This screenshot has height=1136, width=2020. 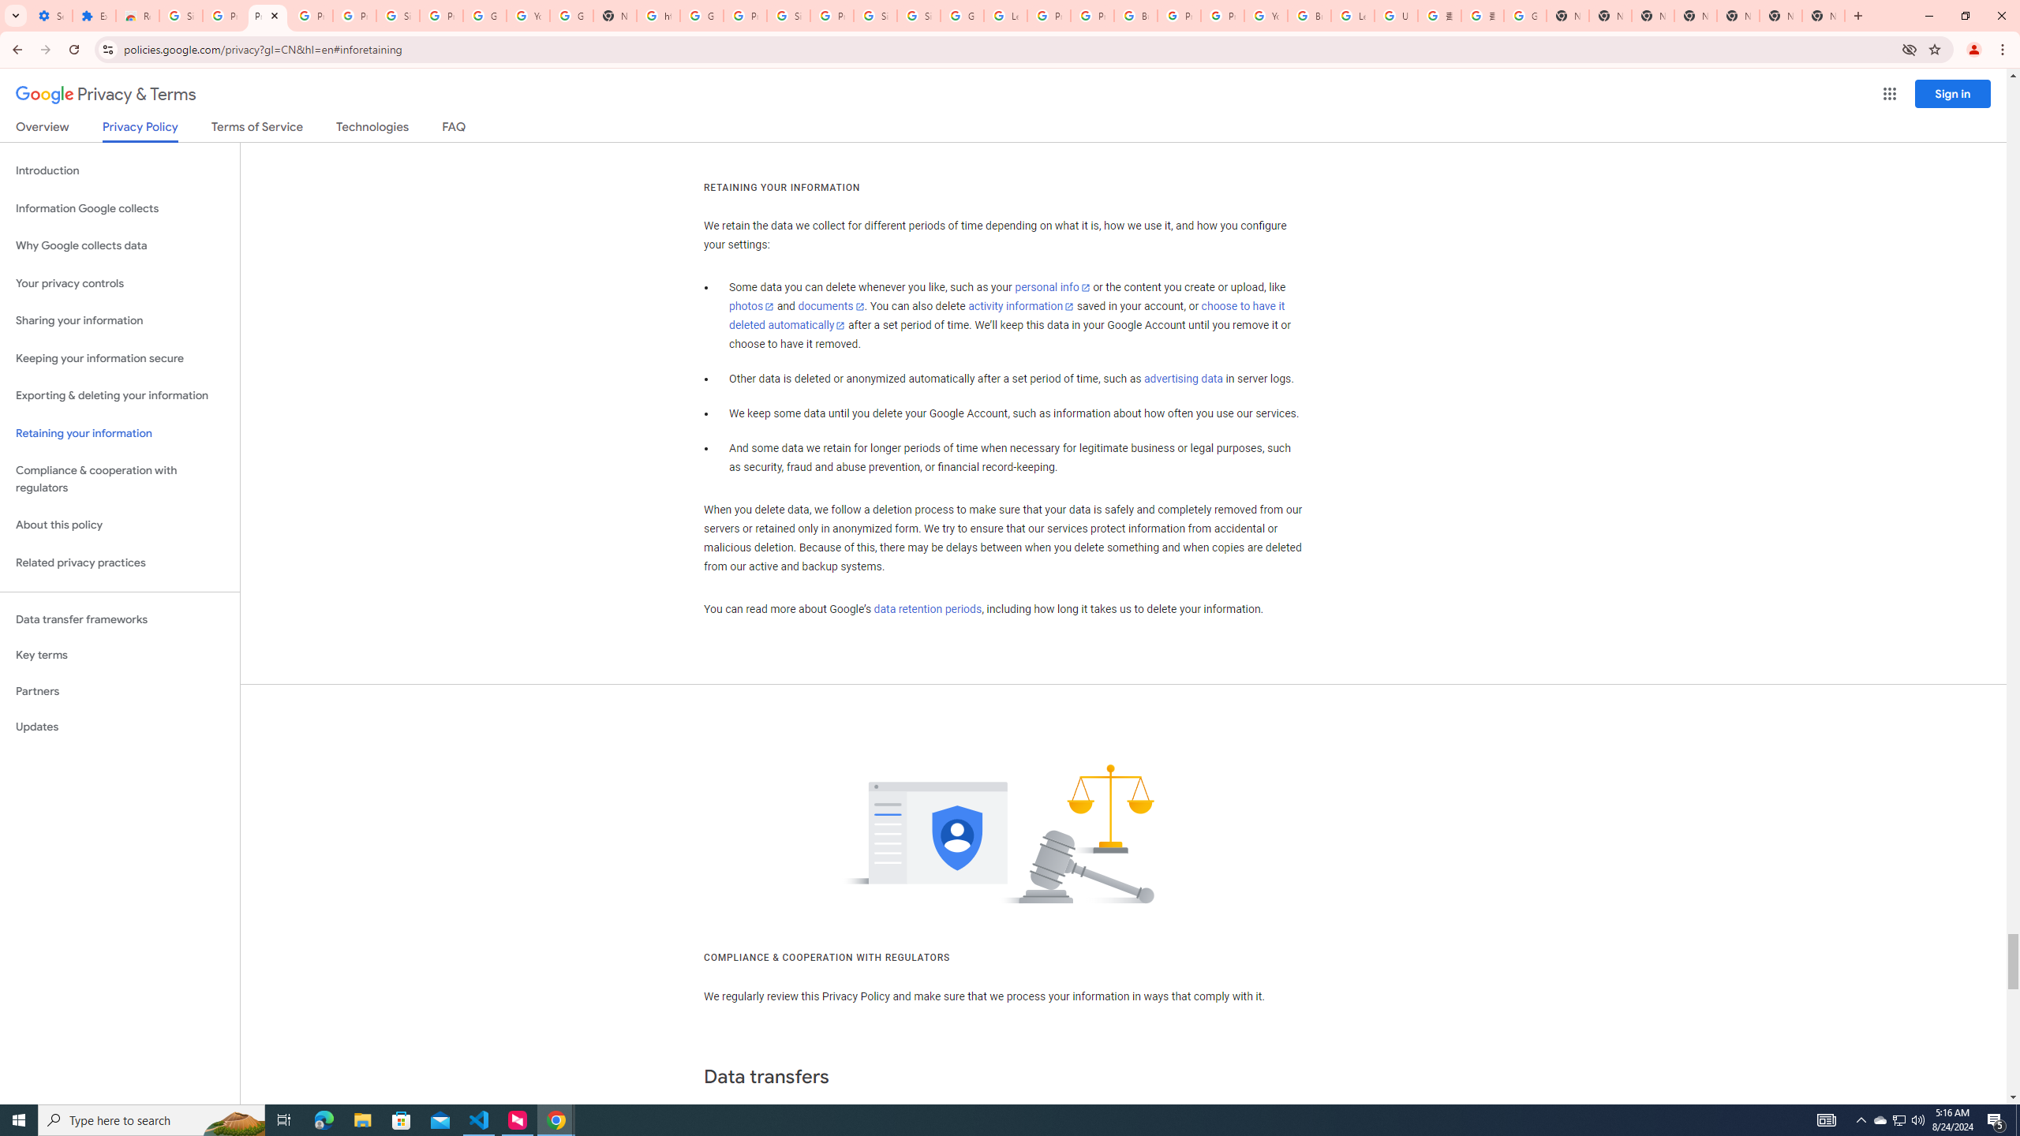 What do you see at coordinates (50, 15) in the screenshot?
I see `'Settings - On startup'` at bounding box center [50, 15].